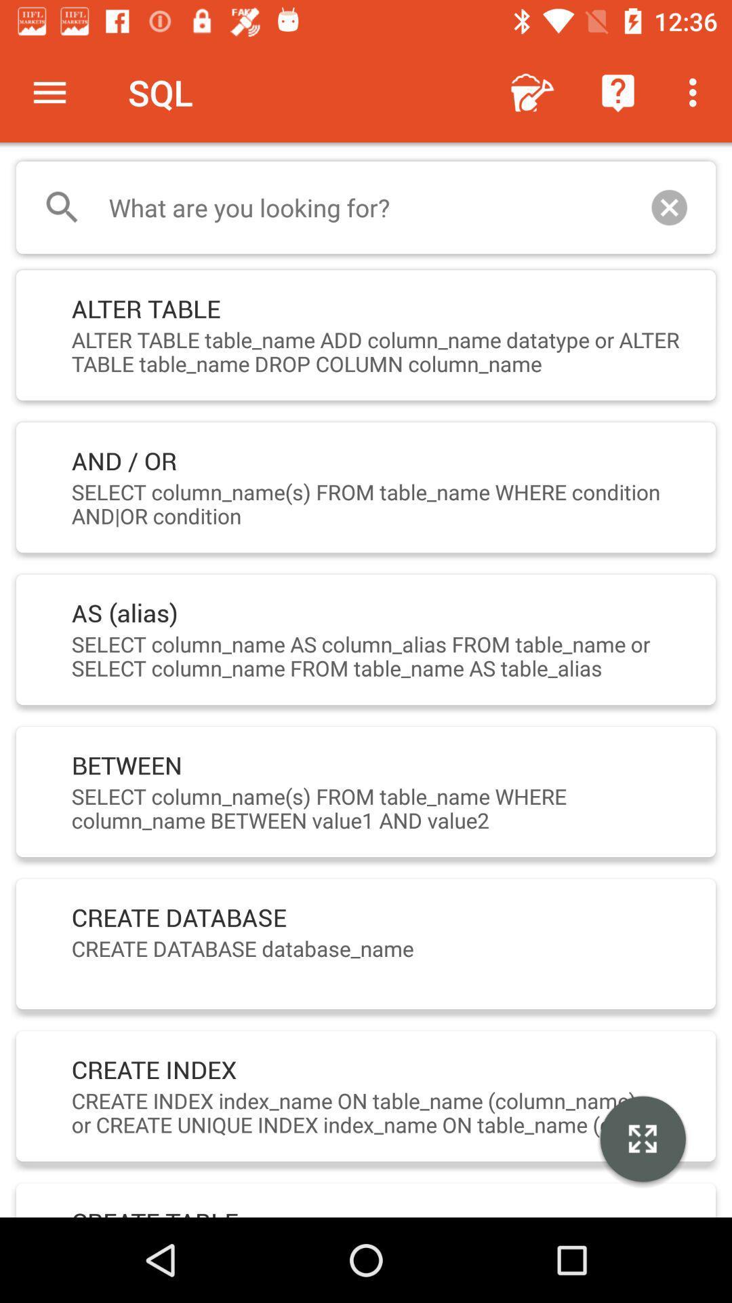 The image size is (732, 1303). I want to click on the icon below select column_name s icon, so click(642, 1140).